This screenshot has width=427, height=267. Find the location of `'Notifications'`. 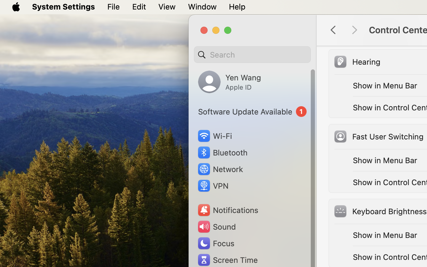

'Notifications' is located at coordinates (227, 210).